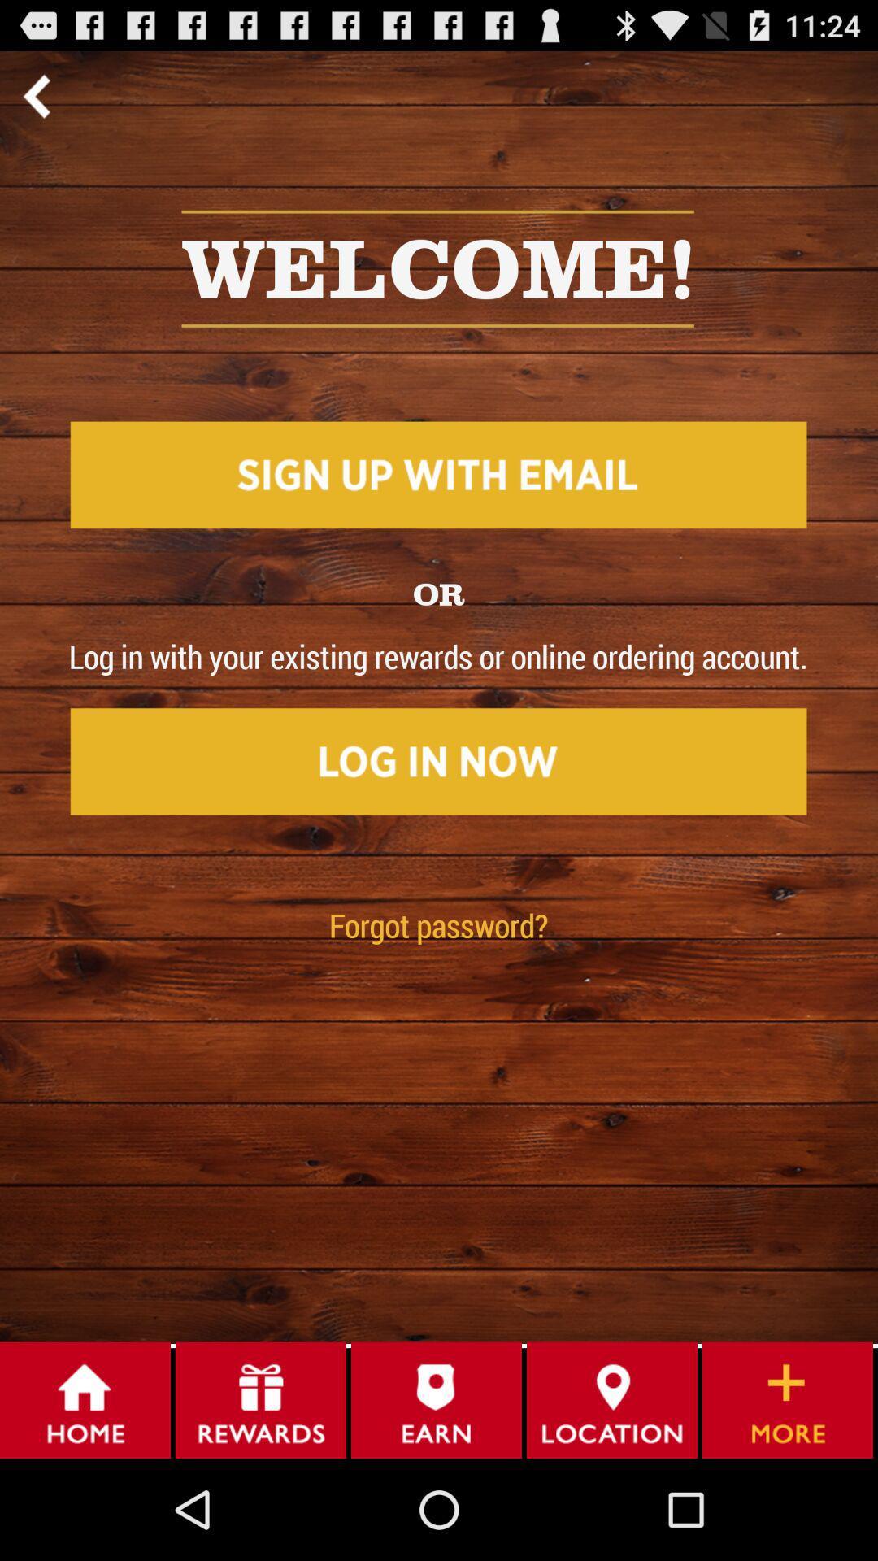 This screenshot has height=1561, width=878. Describe the element at coordinates (36, 102) in the screenshot. I see `the arrow_backward icon` at that location.